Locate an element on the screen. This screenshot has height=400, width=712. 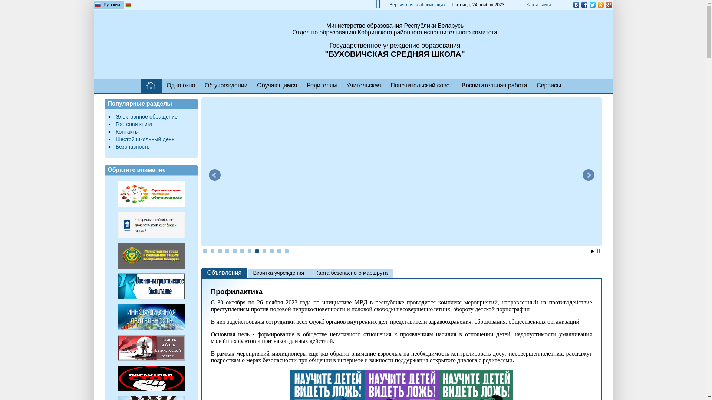
'3' is located at coordinates (220, 251).